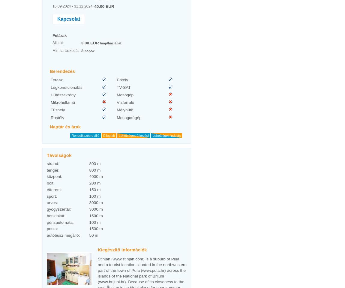 The image size is (345, 288). I want to click on '15.07.2024 - 18.08.2024', so click(72, 208).